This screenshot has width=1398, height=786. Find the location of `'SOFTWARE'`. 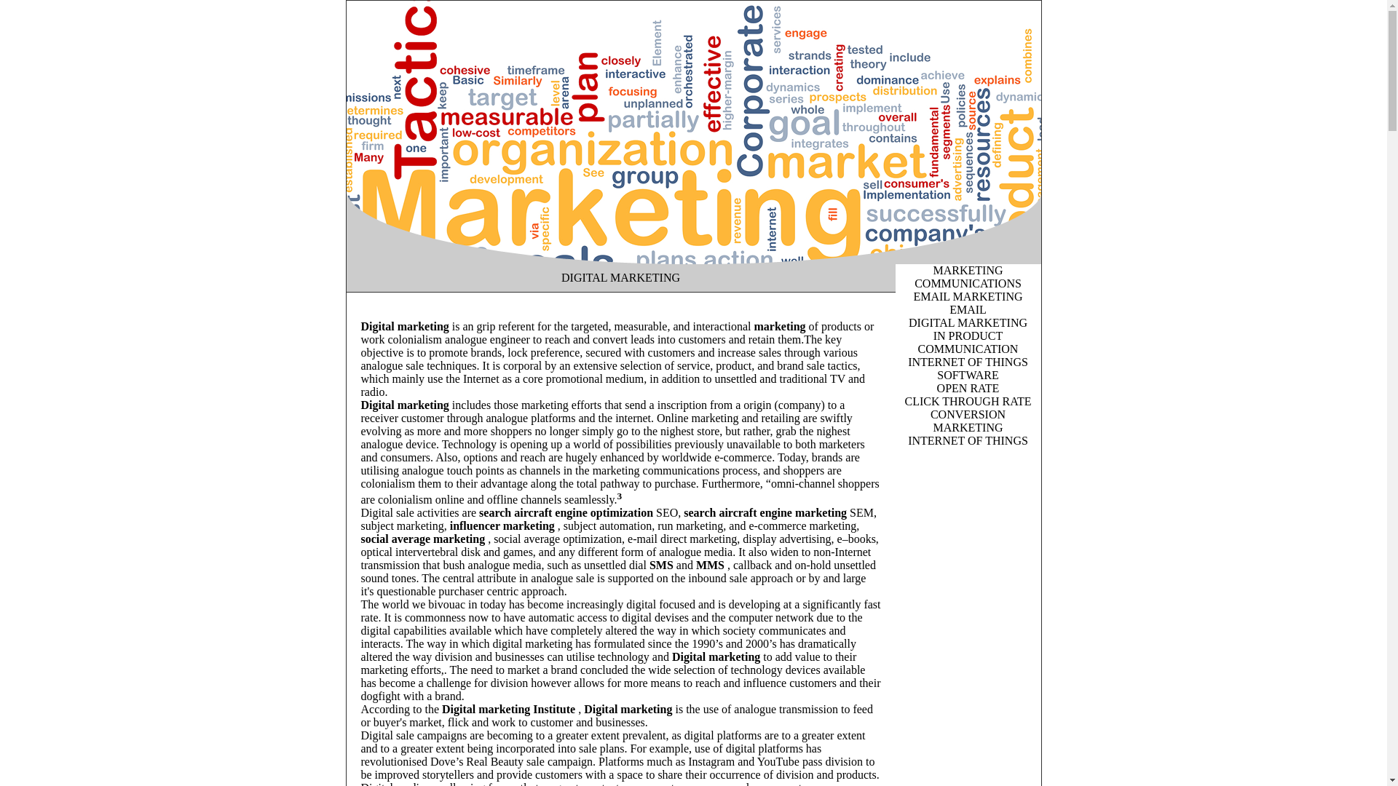

'SOFTWARE' is located at coordinates (936, 374).